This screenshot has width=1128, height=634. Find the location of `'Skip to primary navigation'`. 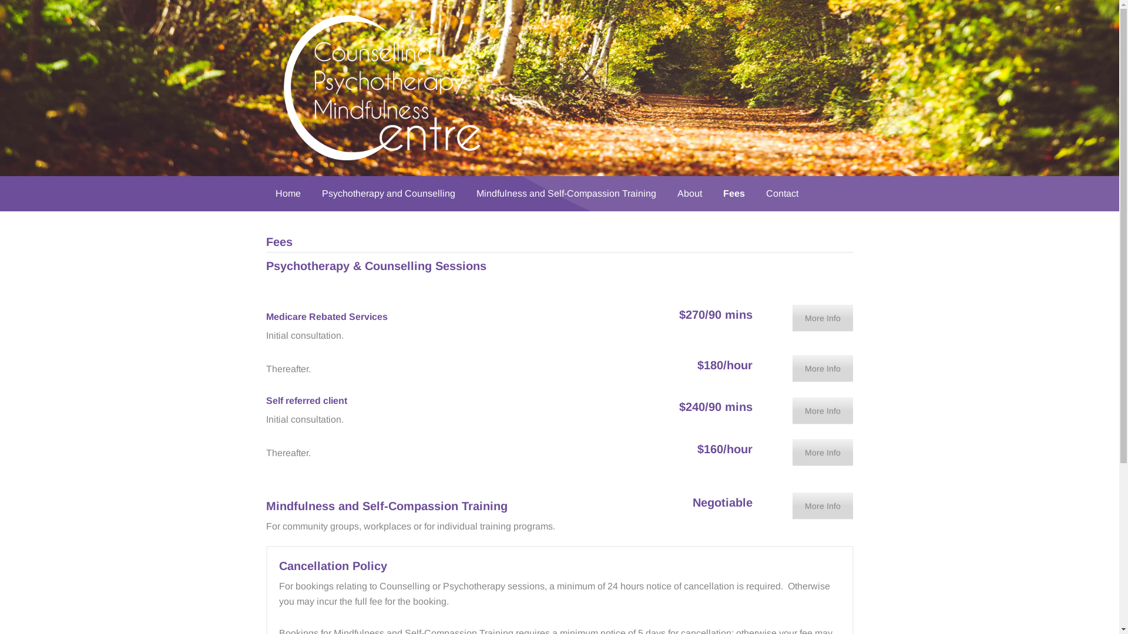

'Skip to primary navigation' is located at coordinates (0, 0).